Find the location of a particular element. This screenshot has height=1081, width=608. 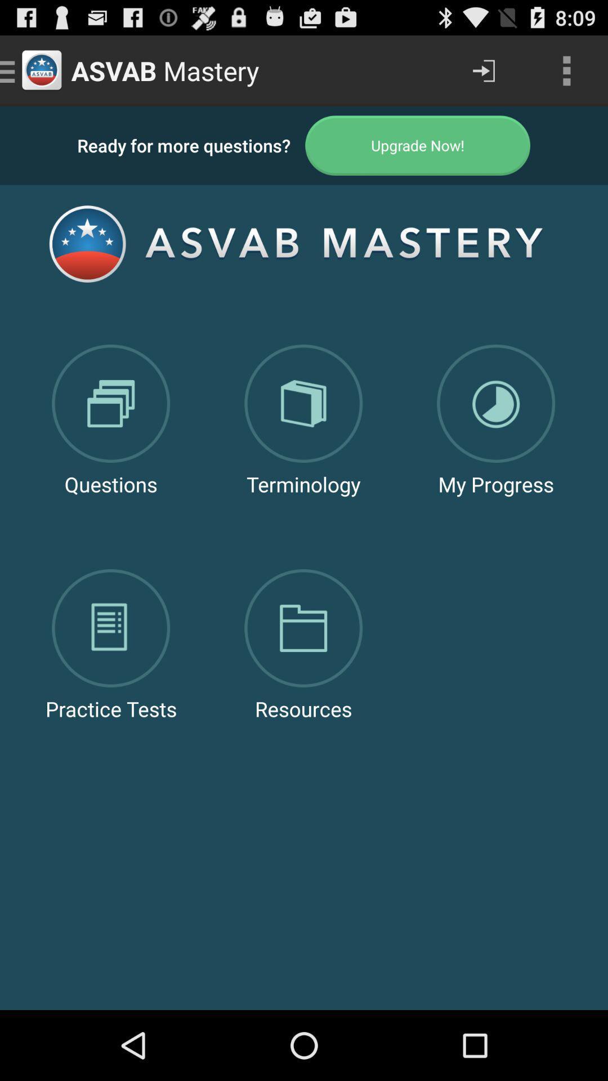

the app next to the ready for more is located at coordinates (418, 145).